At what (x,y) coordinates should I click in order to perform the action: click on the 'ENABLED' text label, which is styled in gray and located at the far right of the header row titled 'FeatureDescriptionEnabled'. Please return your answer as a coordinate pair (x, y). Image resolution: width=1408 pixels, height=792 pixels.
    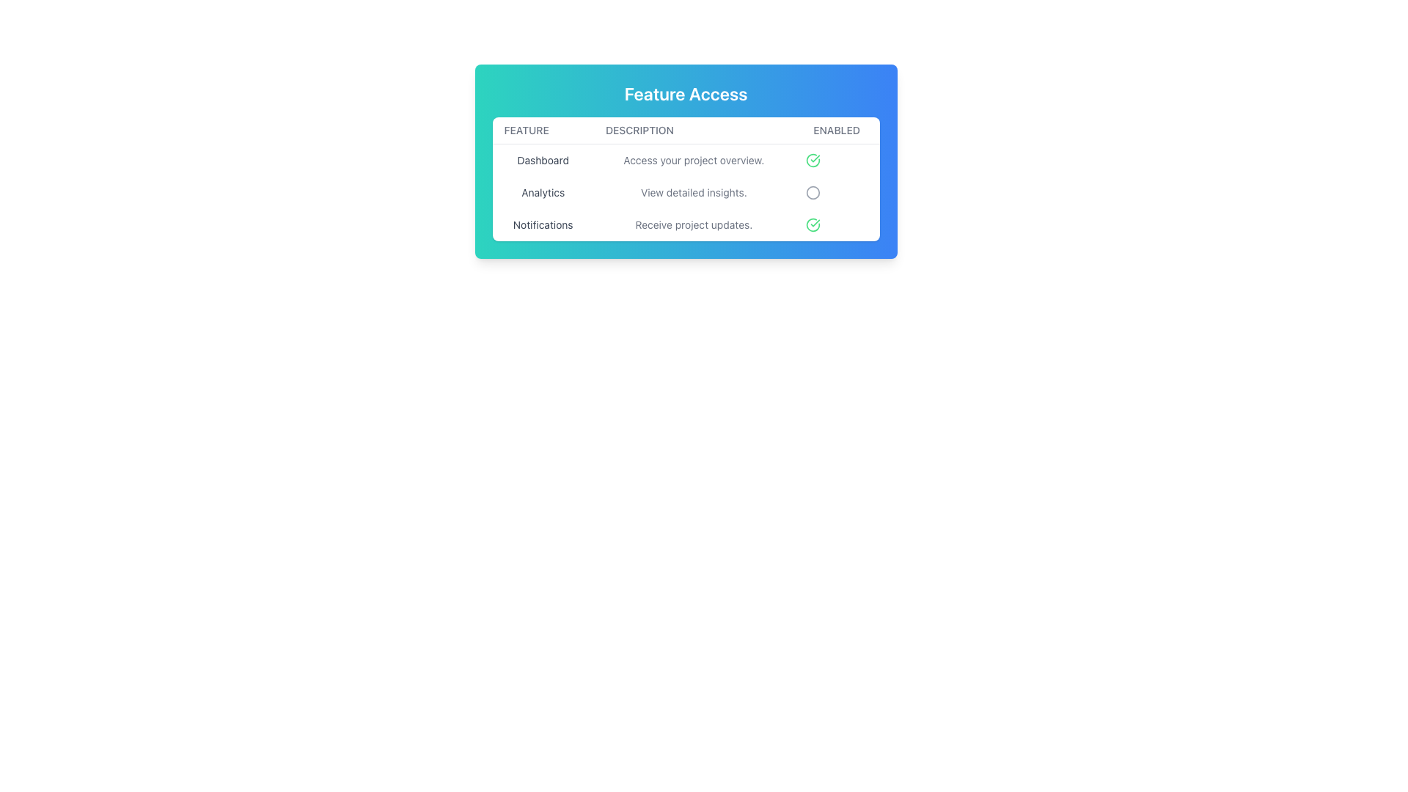
    Looking at the image, I should click on (837, 130).